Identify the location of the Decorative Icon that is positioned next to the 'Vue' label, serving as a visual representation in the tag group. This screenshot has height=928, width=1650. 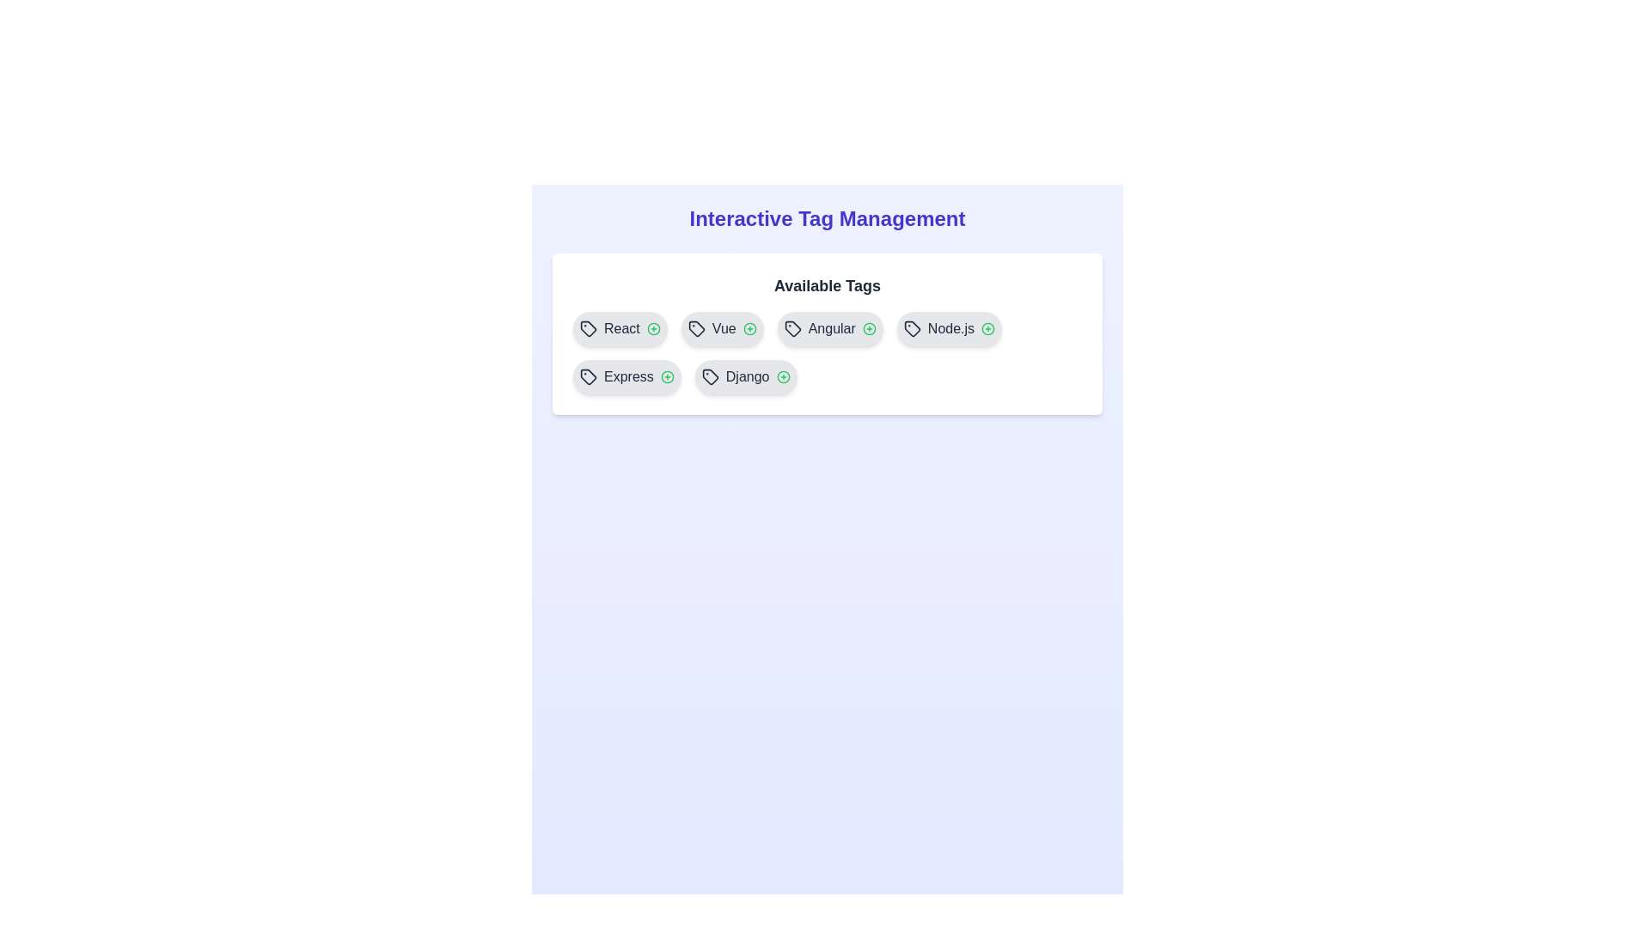
(696, 328).